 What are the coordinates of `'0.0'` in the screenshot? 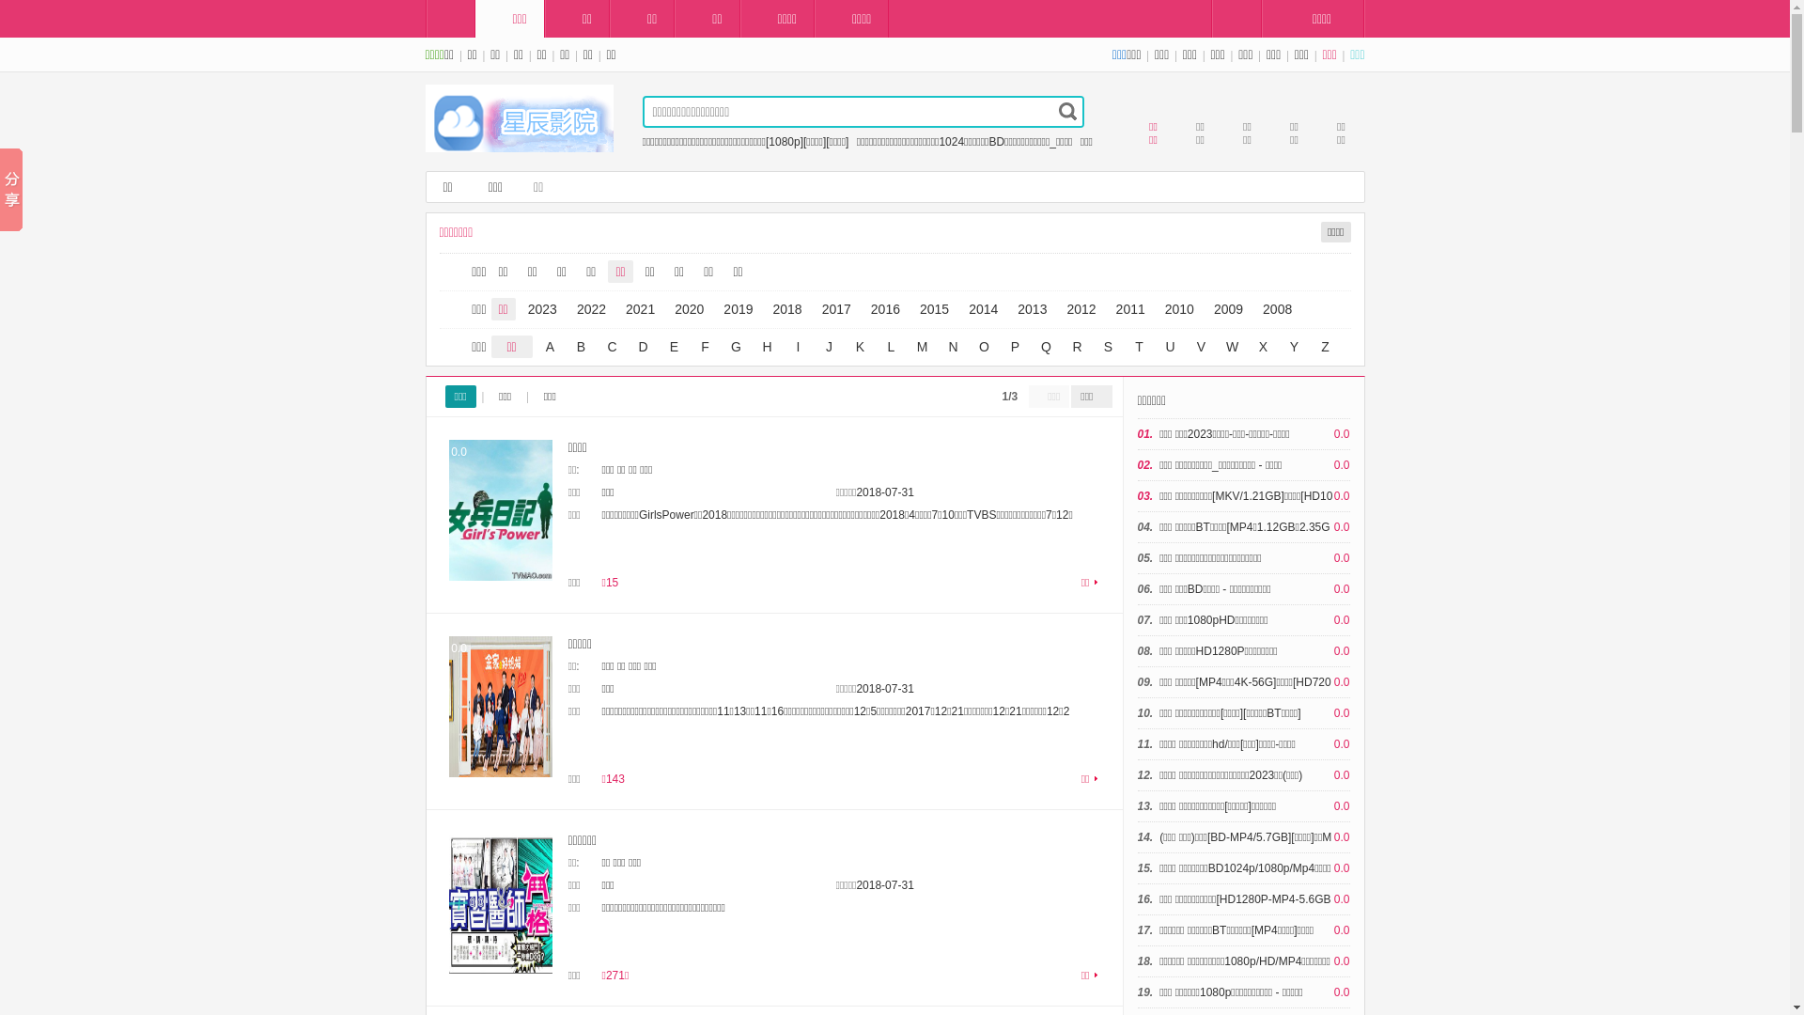 It's located at (500, 510).